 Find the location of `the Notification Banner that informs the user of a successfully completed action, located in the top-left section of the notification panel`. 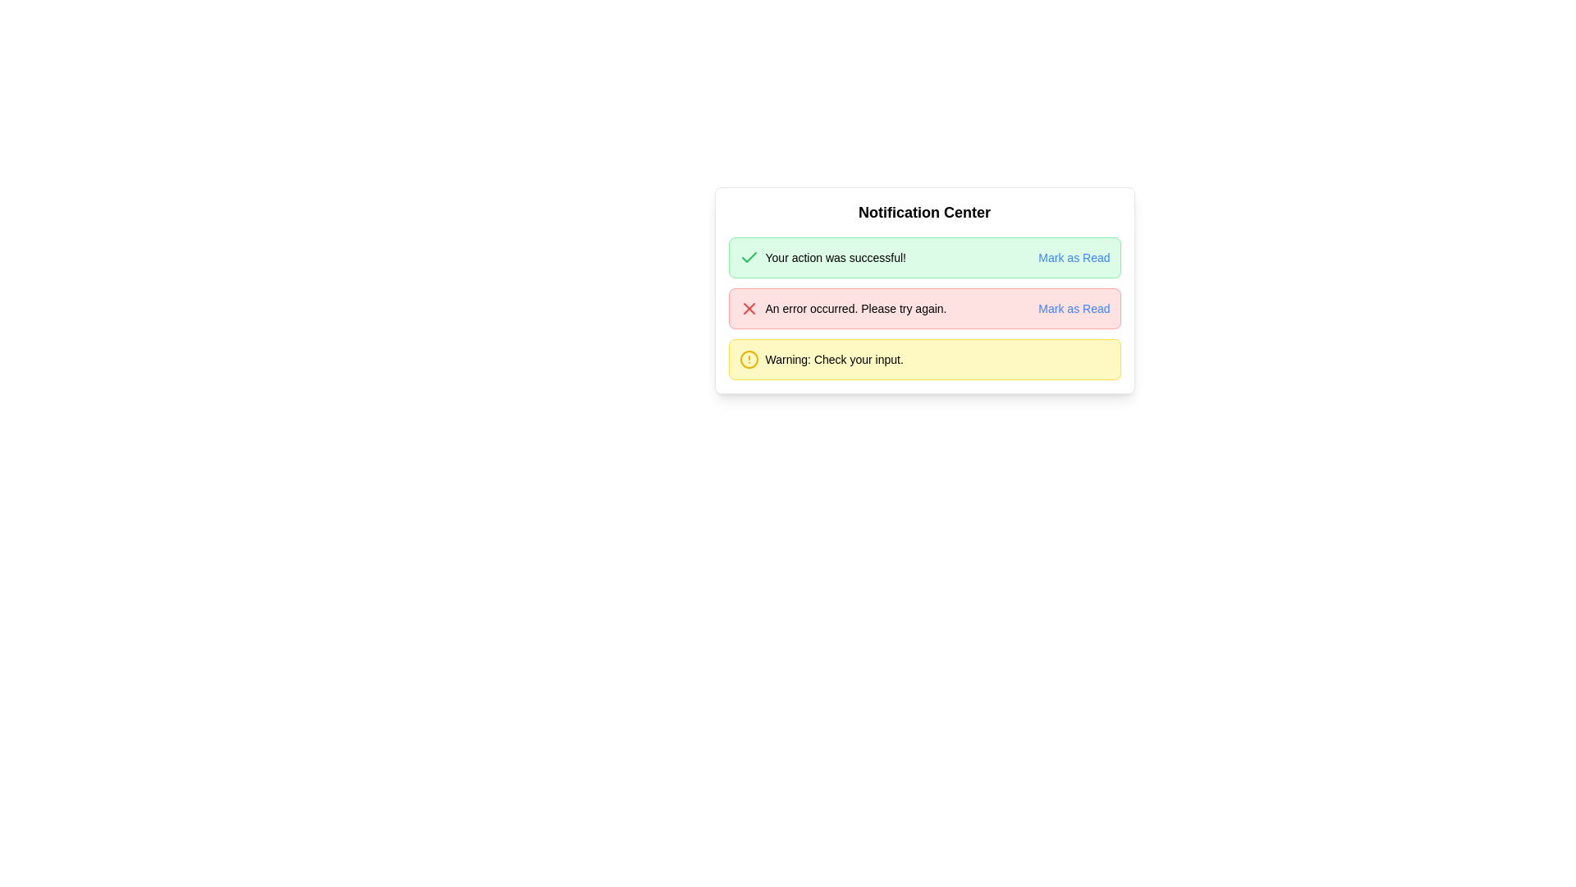

the Notification Banner that informs the user of a successfully completed action, located in the top-left section of the notification panel is located at coordinates (822, 257).